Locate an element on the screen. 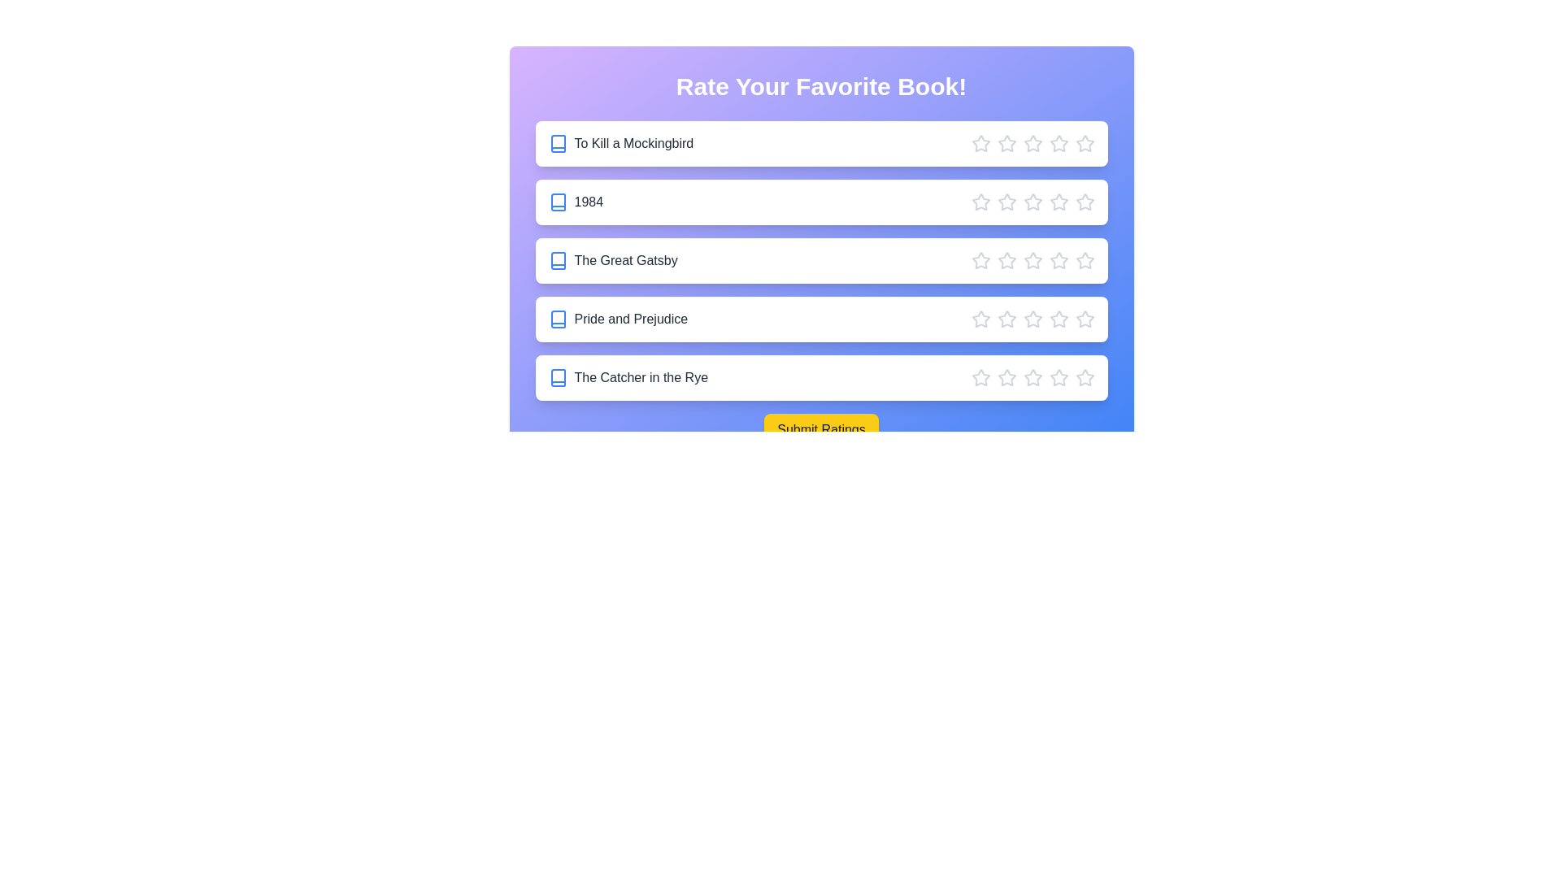  the star corresponding to 5 stars for the book '1984' is located at coordinates (1085, 202).